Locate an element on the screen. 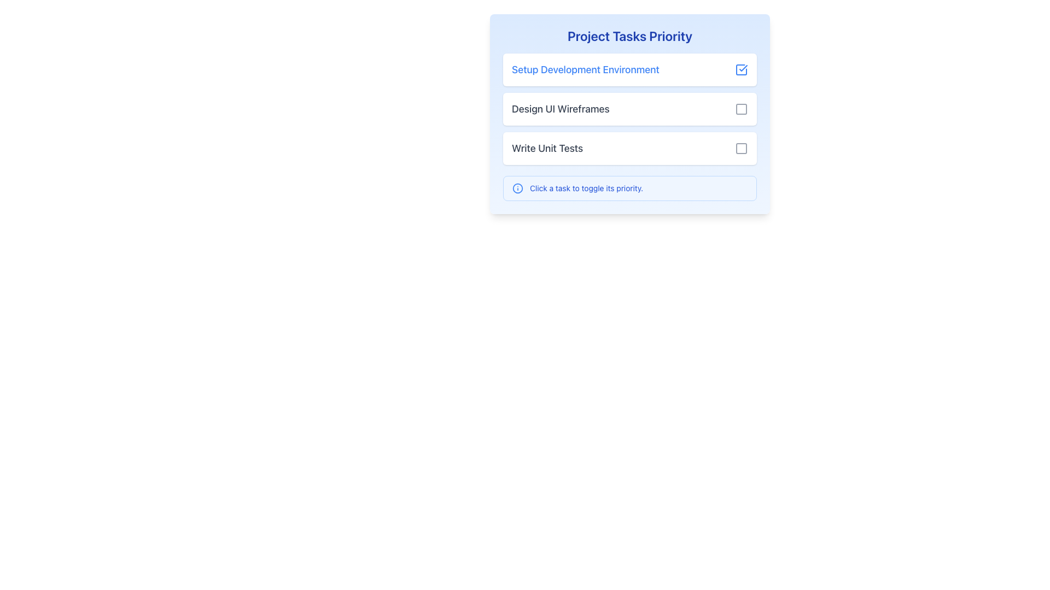  the informational label located at the lower part of the informational box, which has a blue background and follows two checkboxes, preceded by an info icon is located at coordinates (586, 187).